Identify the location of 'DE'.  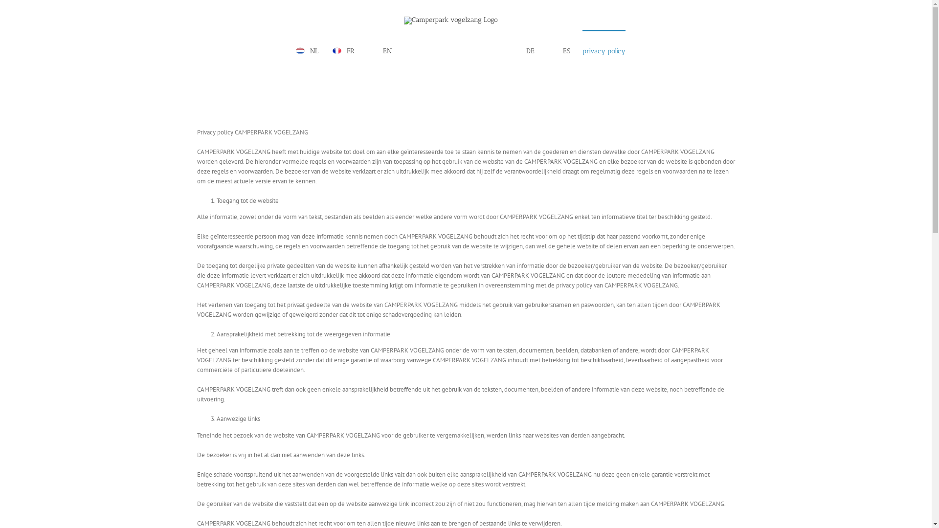
(521, 50).